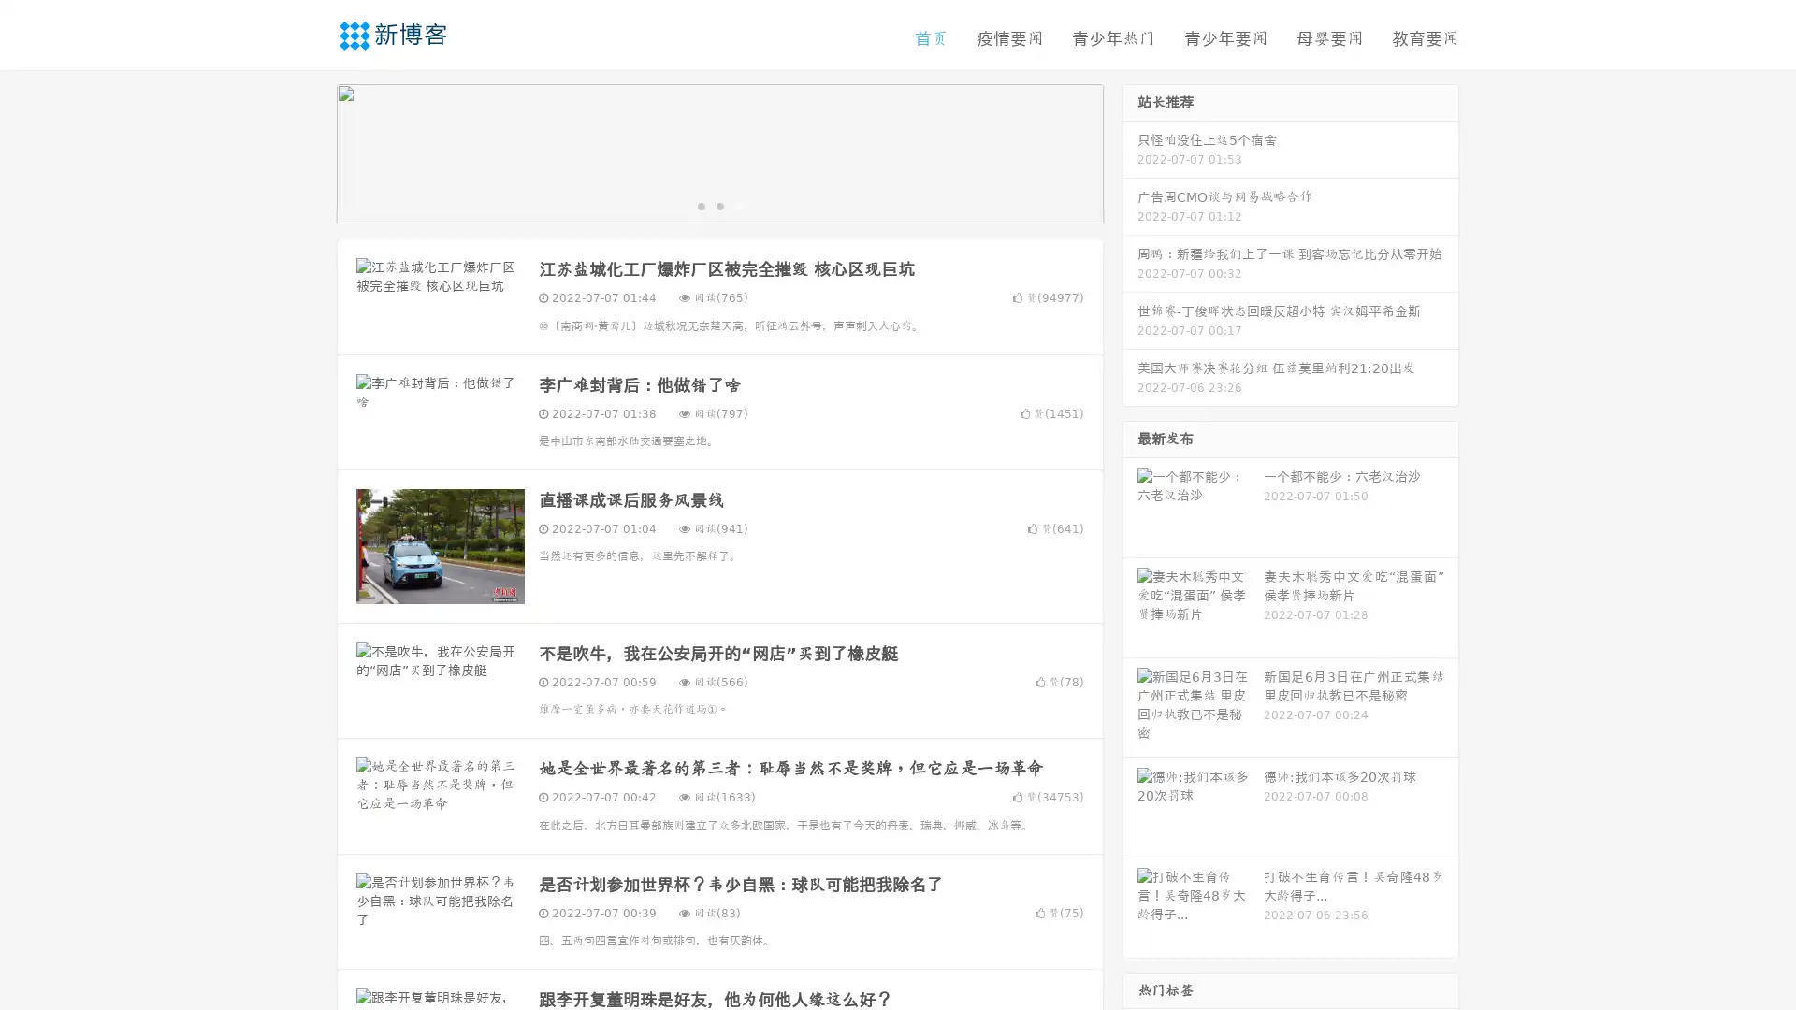 Image resolution: width=1796 pixels, height=1010 pixels. I want to click on Go to slide 1, so click(700, 210).